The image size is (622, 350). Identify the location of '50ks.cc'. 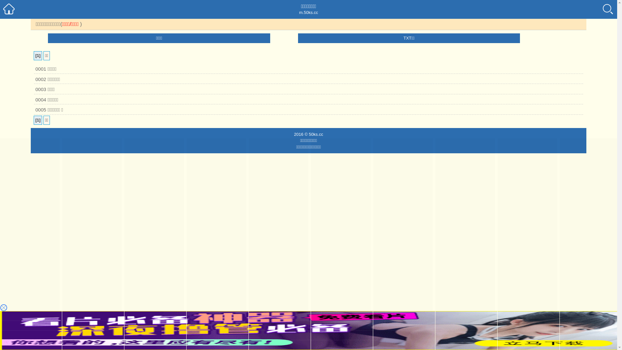
(308, 134).